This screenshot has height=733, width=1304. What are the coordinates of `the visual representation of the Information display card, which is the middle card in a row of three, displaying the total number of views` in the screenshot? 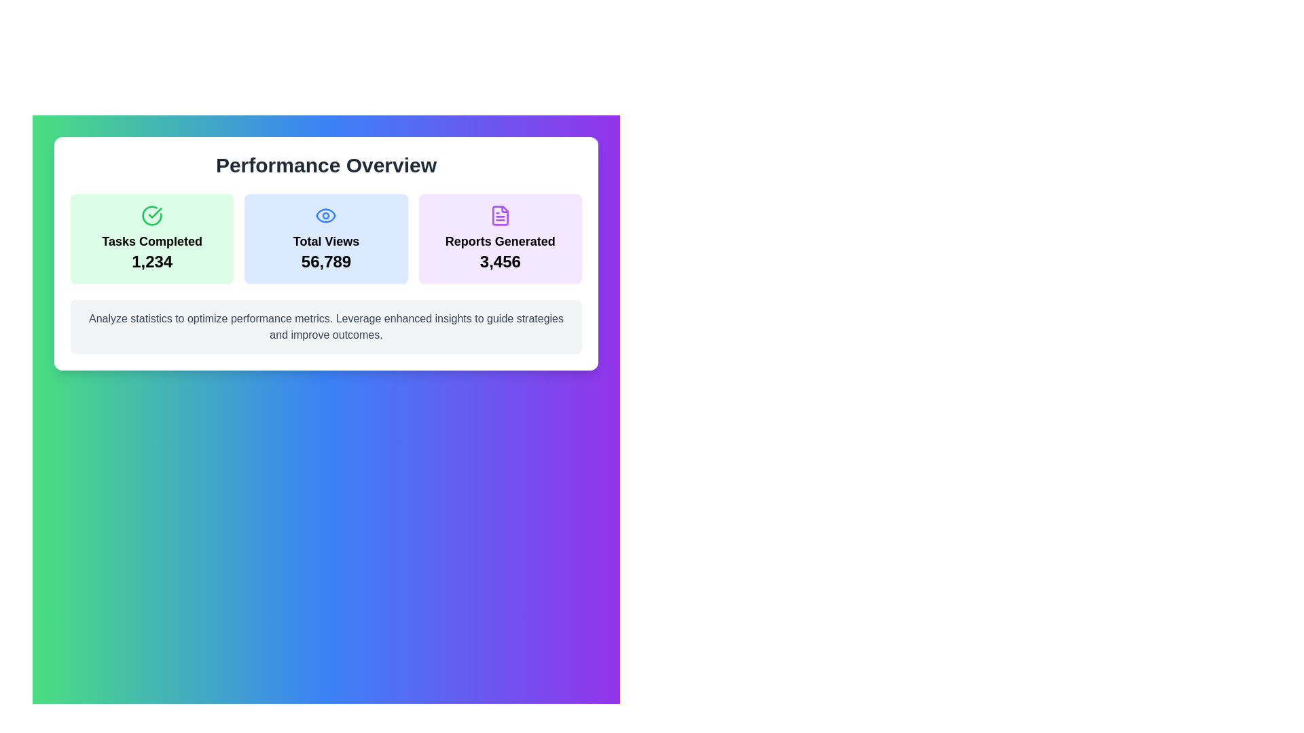 It's located at (326, 238).